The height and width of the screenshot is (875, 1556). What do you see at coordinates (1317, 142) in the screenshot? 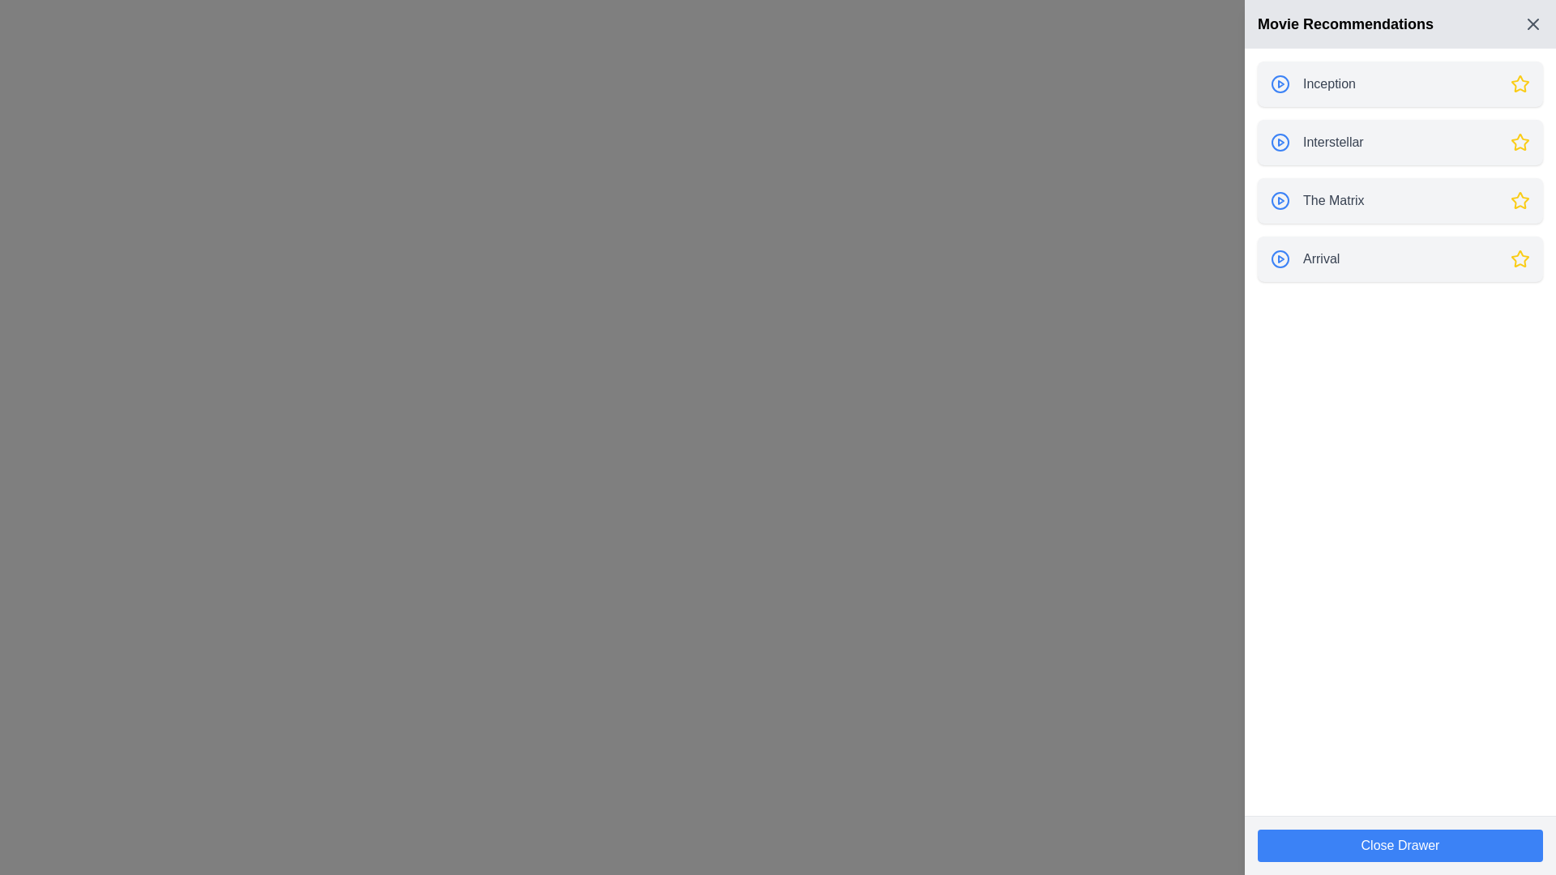
I see `the text 'Interstellar'` at bounding box center [1317, 142].